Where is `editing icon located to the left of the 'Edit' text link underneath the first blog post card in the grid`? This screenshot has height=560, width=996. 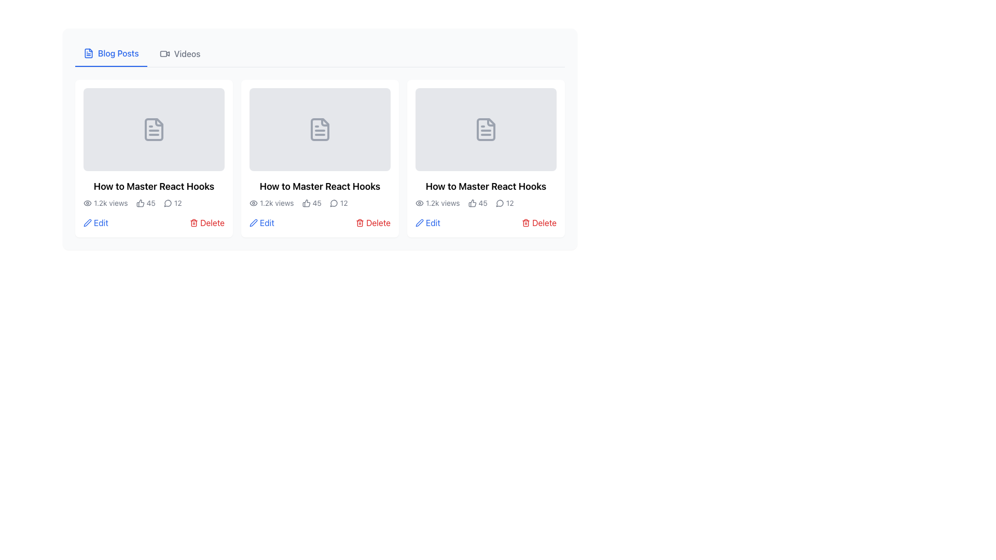
editing icon located to the left of the 'Edit' text link underneath the first blog post card in the grid is located at coordinates (87, 222).